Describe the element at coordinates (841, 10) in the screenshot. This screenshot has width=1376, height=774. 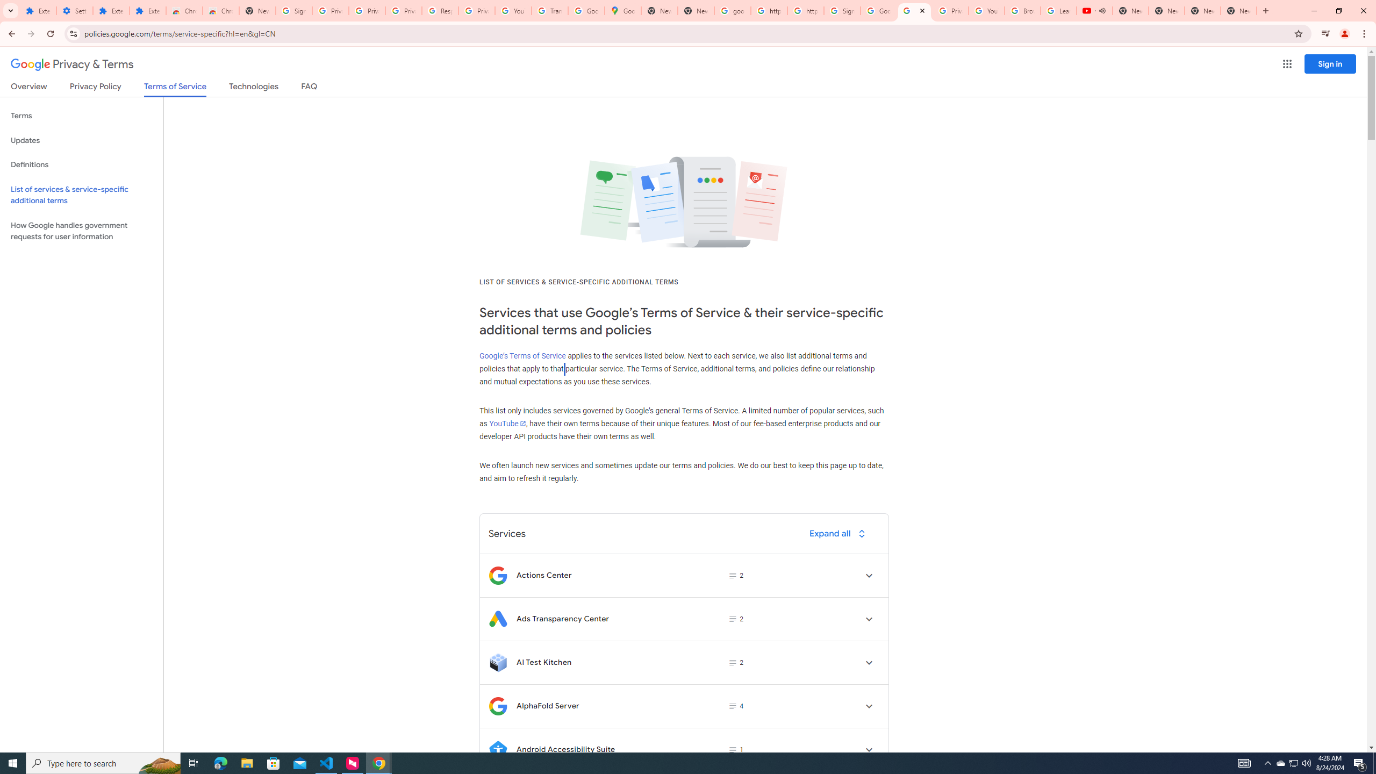
I see `'Sign in - Google Accounts'` at that location.